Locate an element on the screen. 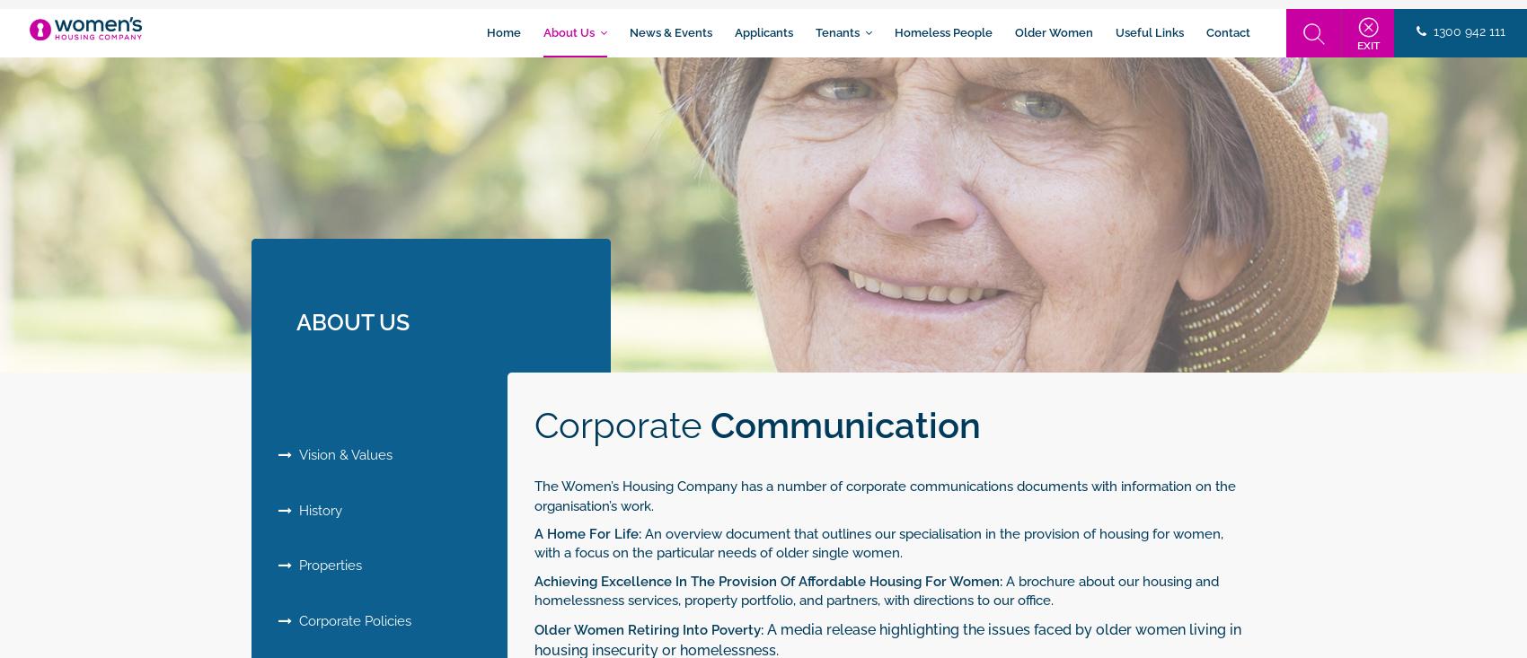 This screenshot has width=1527, height=658. 'Corporate' is located at coordinates (622, 424).